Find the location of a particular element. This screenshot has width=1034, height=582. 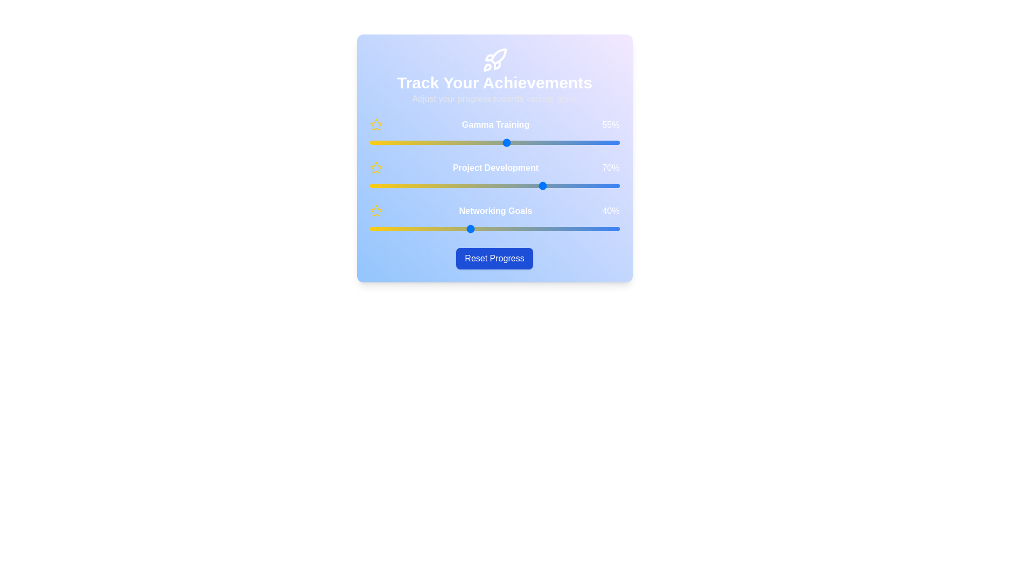

the 'Gamma Training' slider to 55% is located at coordinates (506, 142).